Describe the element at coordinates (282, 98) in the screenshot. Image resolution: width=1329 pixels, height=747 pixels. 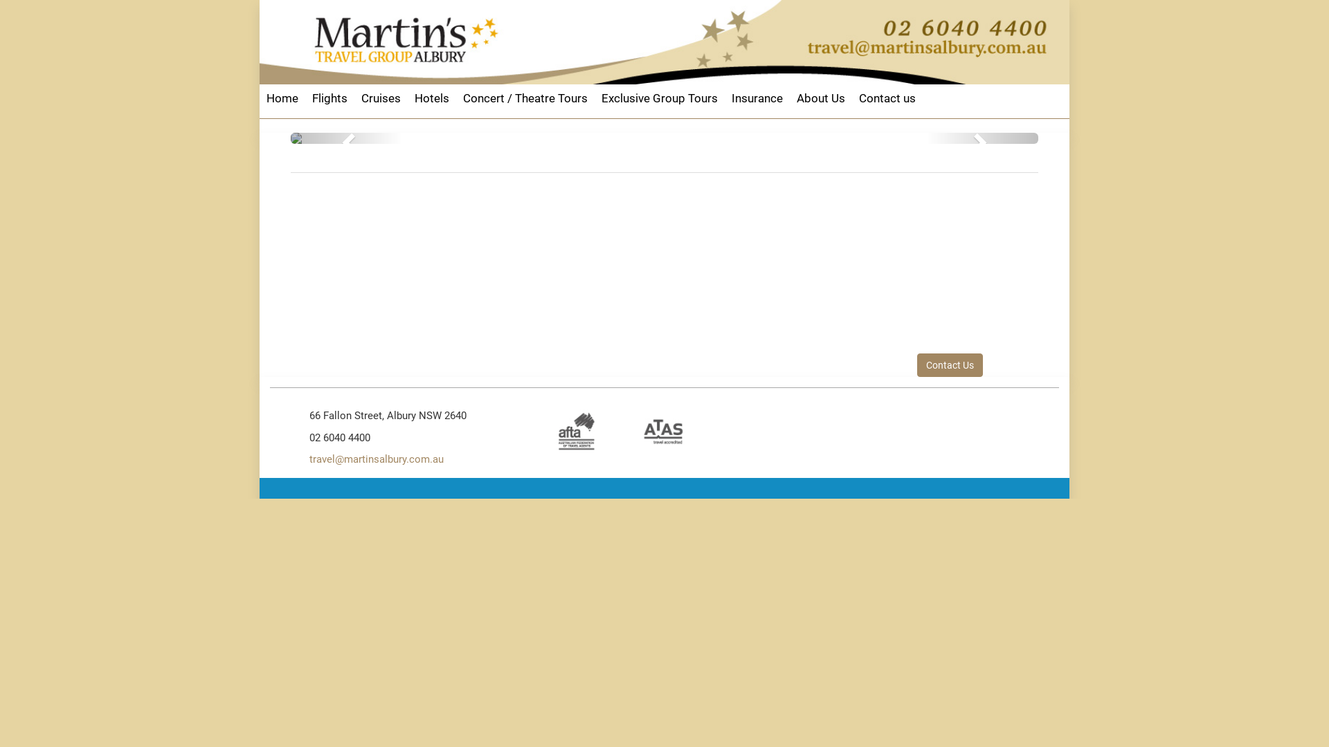
I see `'Home'` at that location.